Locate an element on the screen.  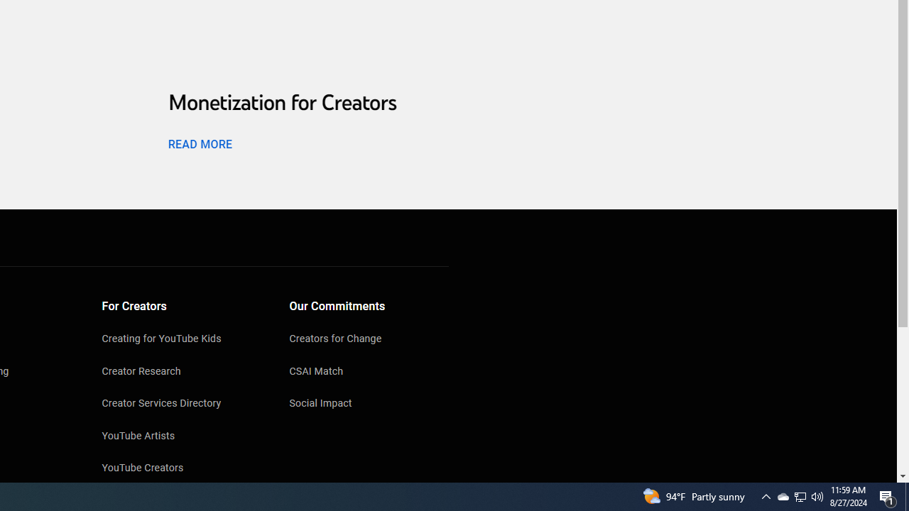
'YouTube Creators' is located at coordinates (181, 469).